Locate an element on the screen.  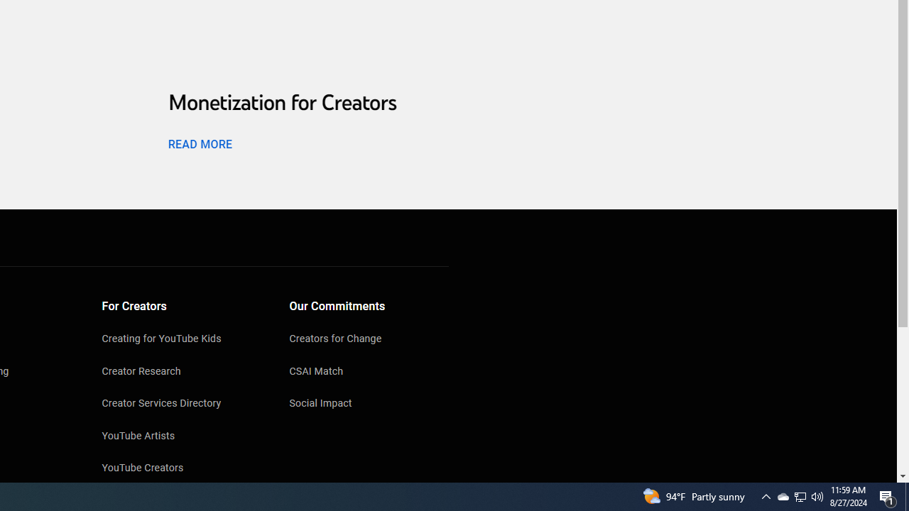
'YouTube Creators' is located at coordinates (181, 469).